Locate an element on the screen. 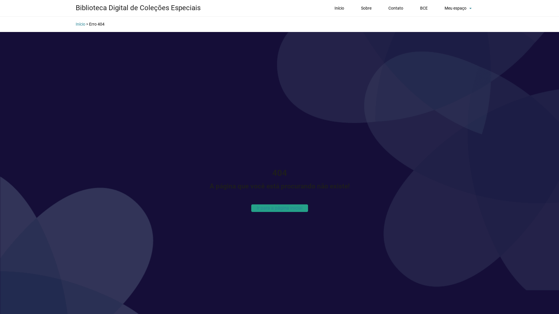 The image size is (559, 314). 'BCE' is located at coordinates (424, 8).